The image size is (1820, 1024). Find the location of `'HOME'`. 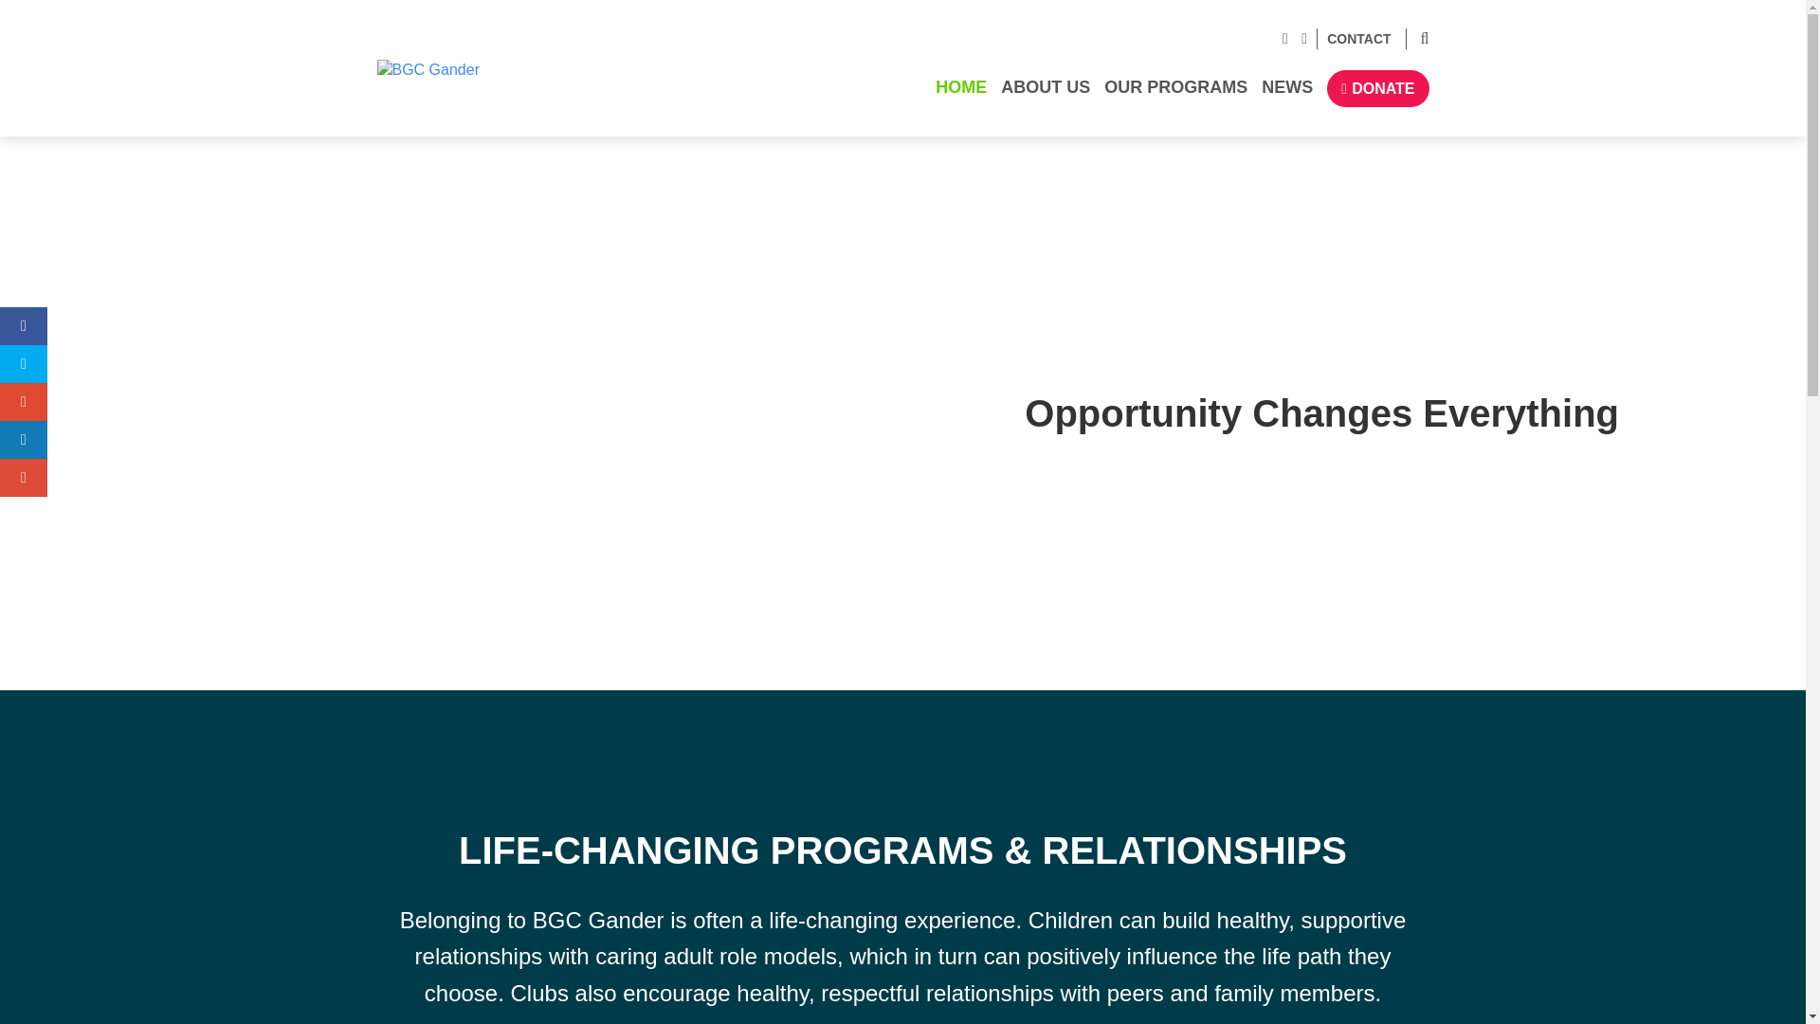

'HOME' is located at coordinates (961, 95).